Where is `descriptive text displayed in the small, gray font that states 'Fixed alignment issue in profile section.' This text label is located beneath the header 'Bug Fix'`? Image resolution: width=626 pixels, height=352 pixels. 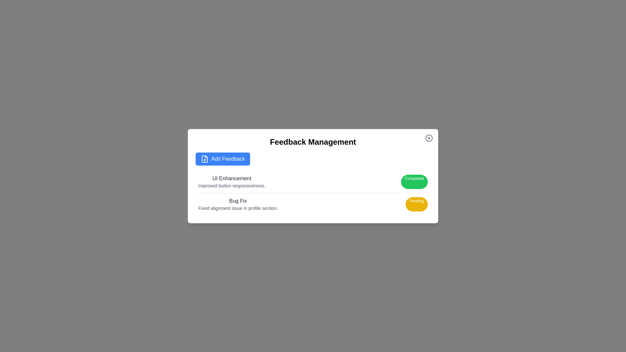 descriptive text displayed in the small, gray font that states 'Fixed alignment issue in profile section.' This text label is located beneath the header 'Bug Fix' is located at coordinates (238, 208).